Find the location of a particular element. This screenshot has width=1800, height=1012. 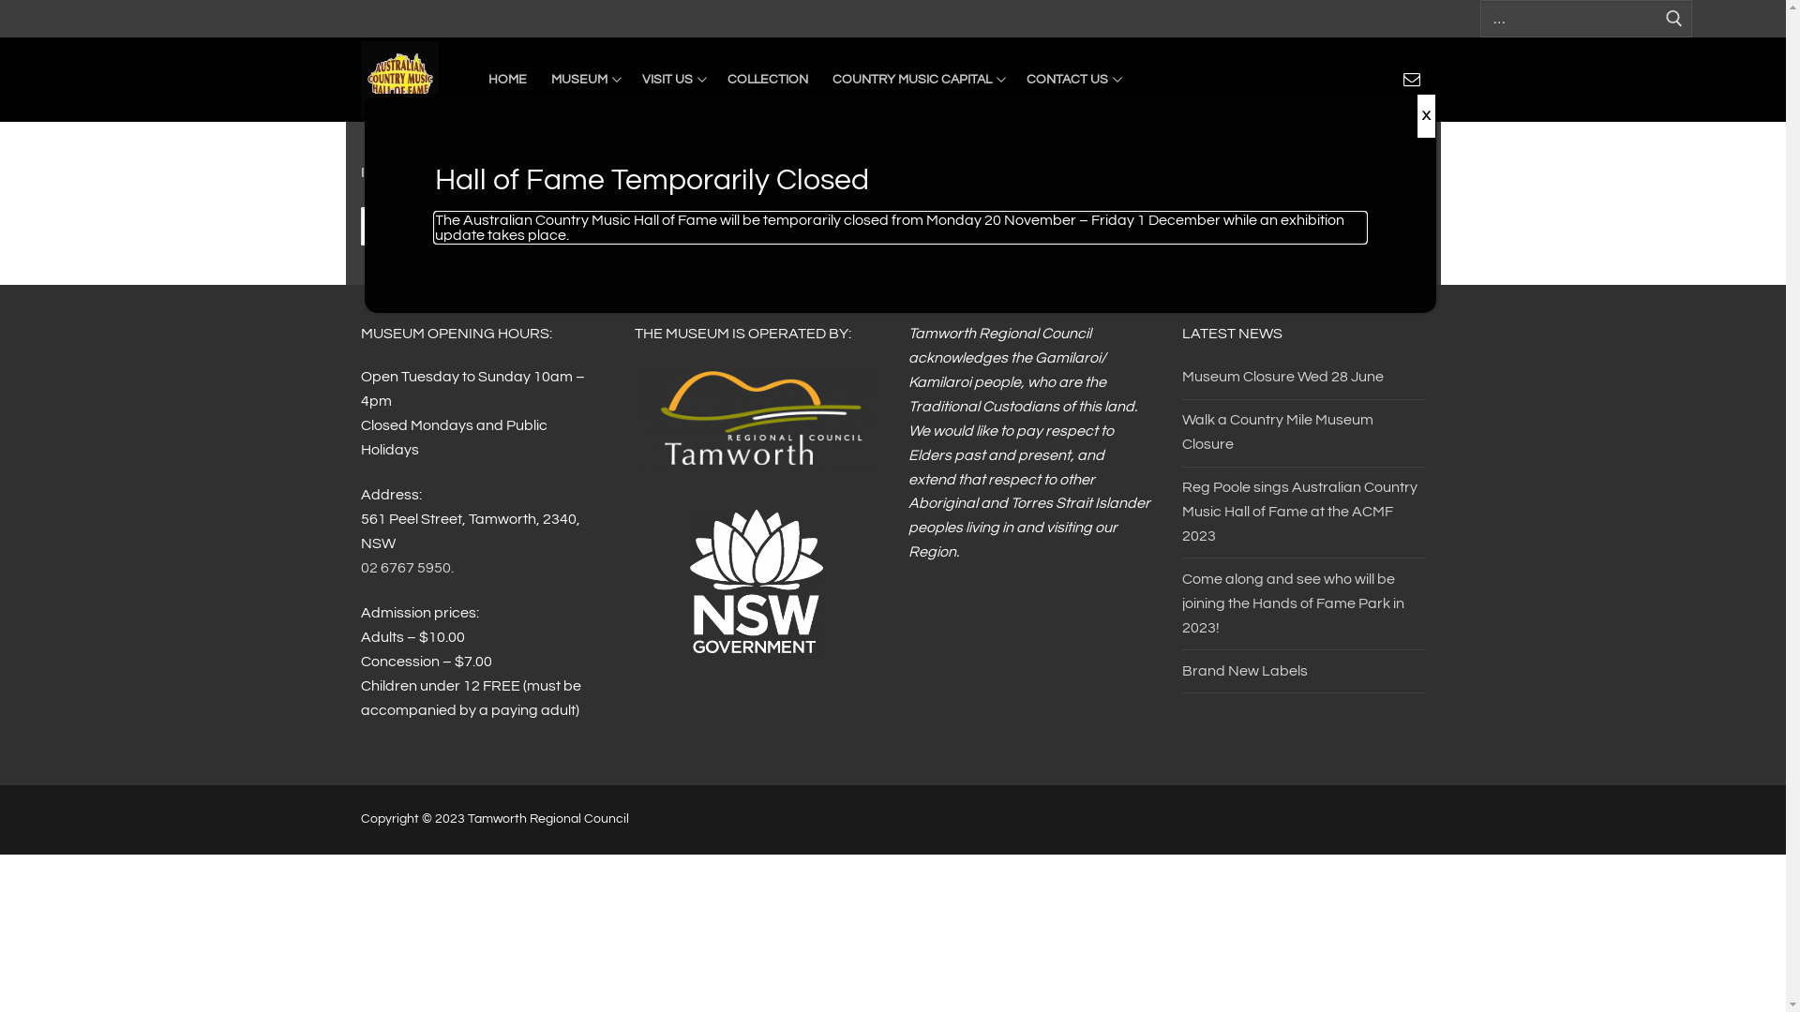

'VISIT US is located at coordinates (672, 79).